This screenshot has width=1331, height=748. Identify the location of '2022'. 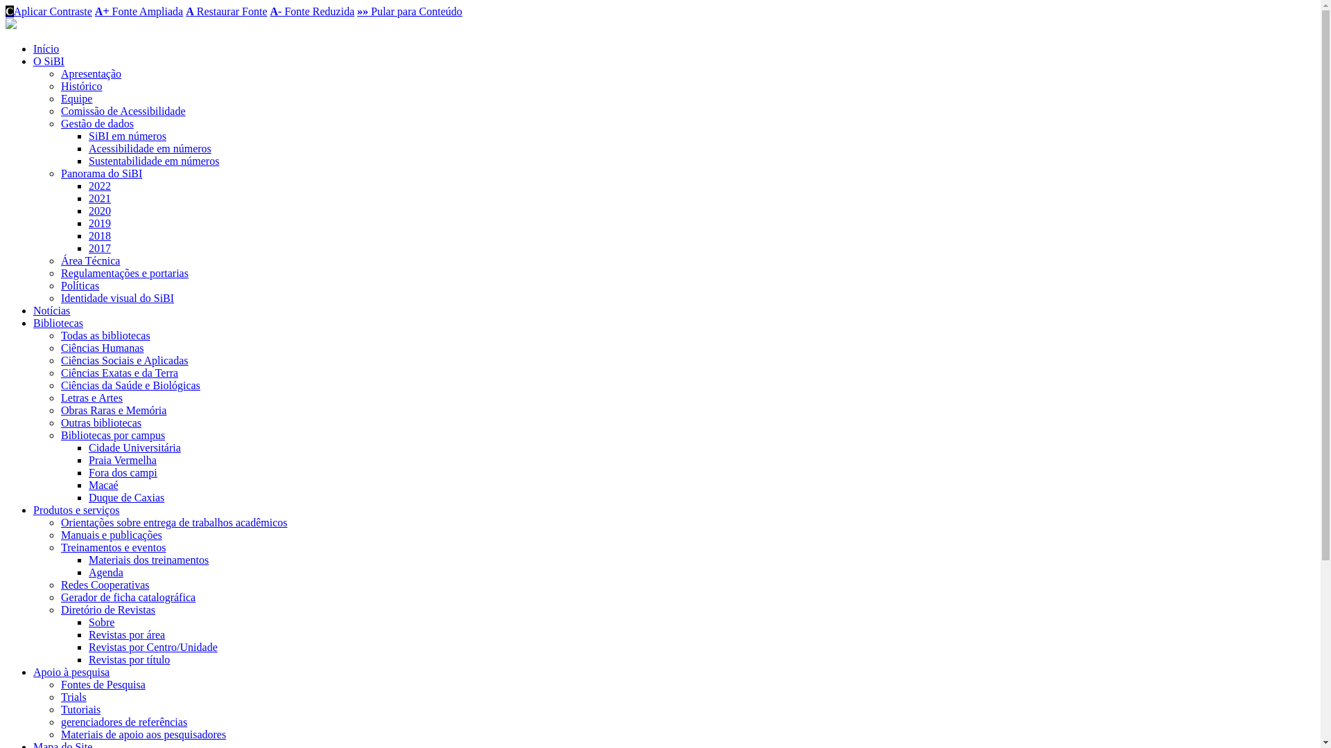
(99, 185).